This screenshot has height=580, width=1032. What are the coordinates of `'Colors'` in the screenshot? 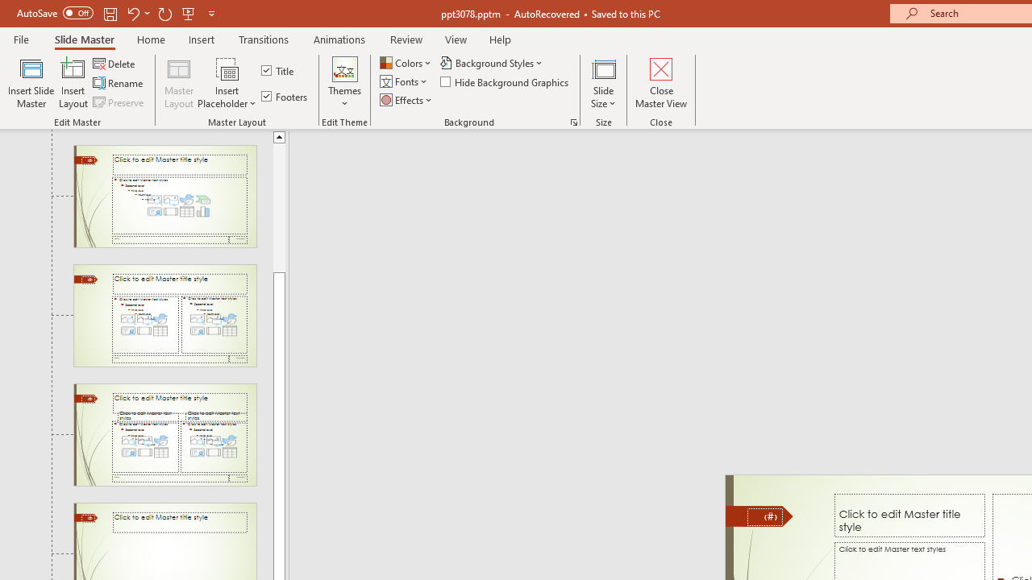 It's located at (406, 62).